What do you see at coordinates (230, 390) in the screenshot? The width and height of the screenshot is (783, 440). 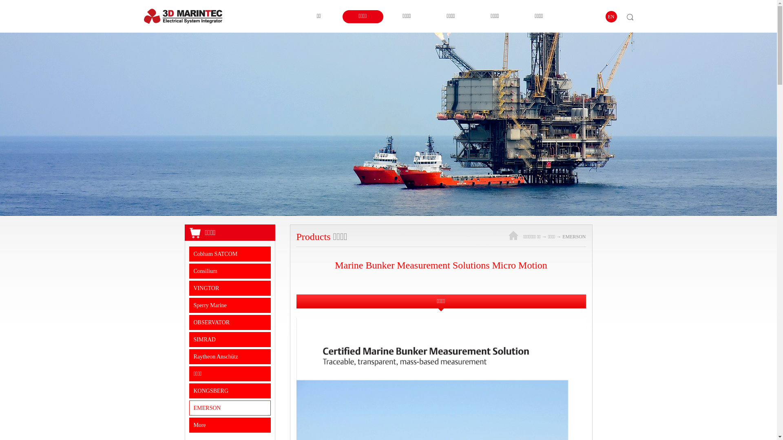 I see `'KONGSBERG'` at bounding box center [230, 390].